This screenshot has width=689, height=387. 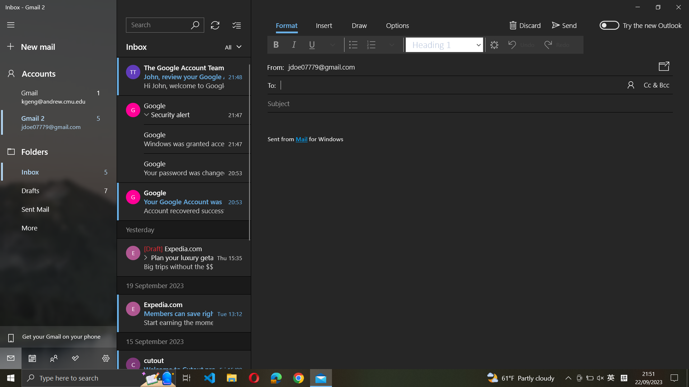 What do you see at coordinates (397, 26) in the screenshot?
I see `Navigate and activate the "Mark as Spam" option` at bounding box center [397, 26].